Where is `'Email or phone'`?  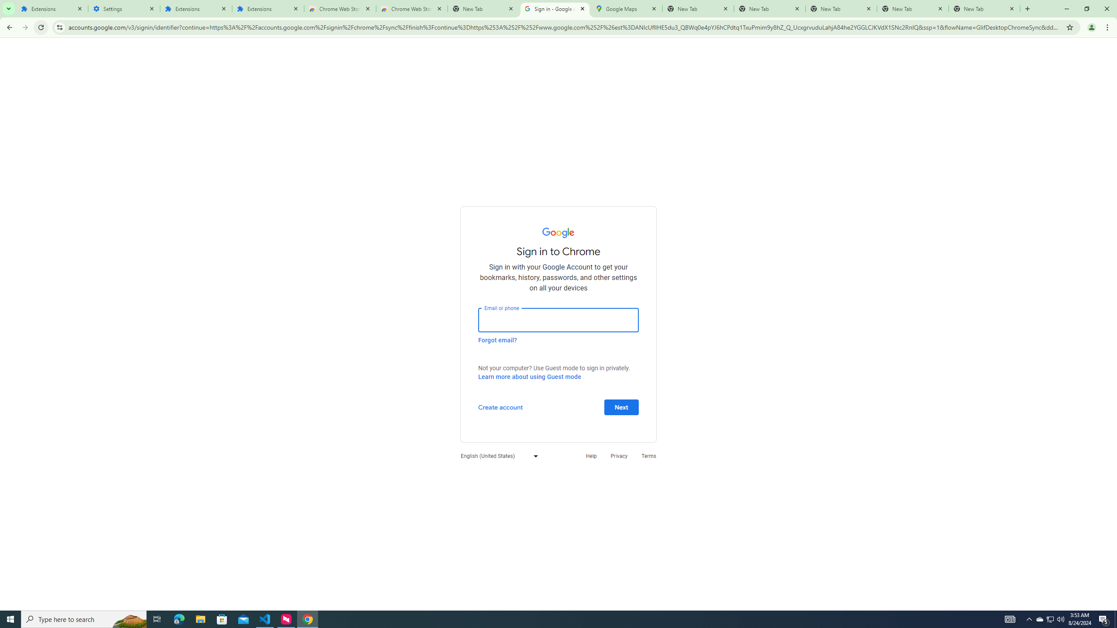
'Email or phone' is located at coordinates (558, 319).